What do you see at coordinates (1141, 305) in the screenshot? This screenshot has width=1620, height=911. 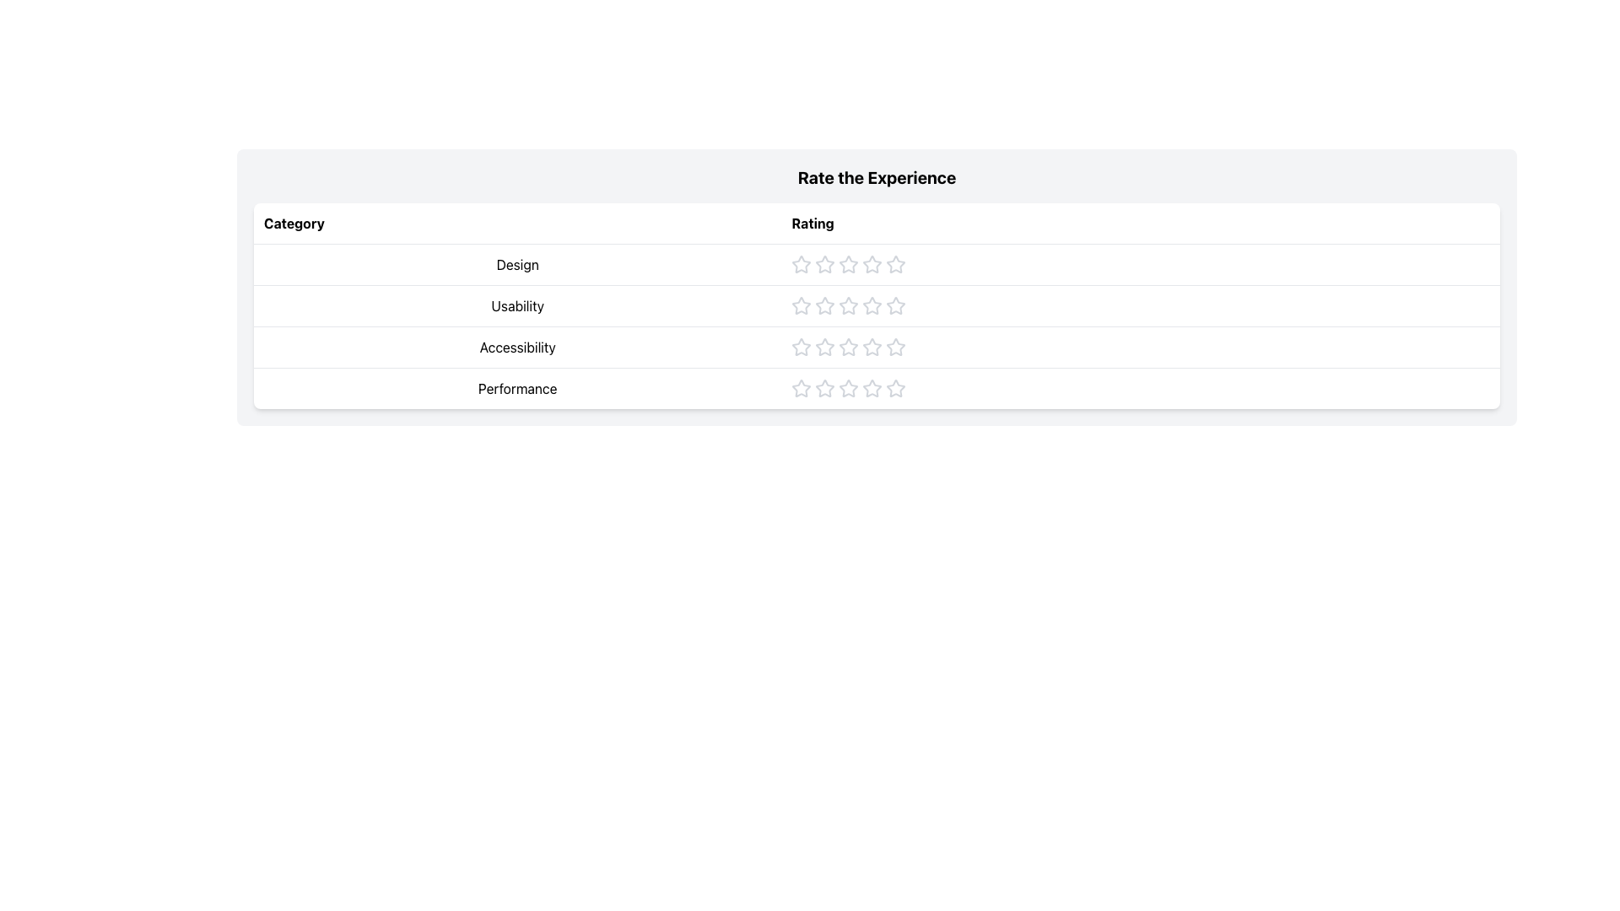 I see `a star in the Rating component` at bounding box center [1141, 305].